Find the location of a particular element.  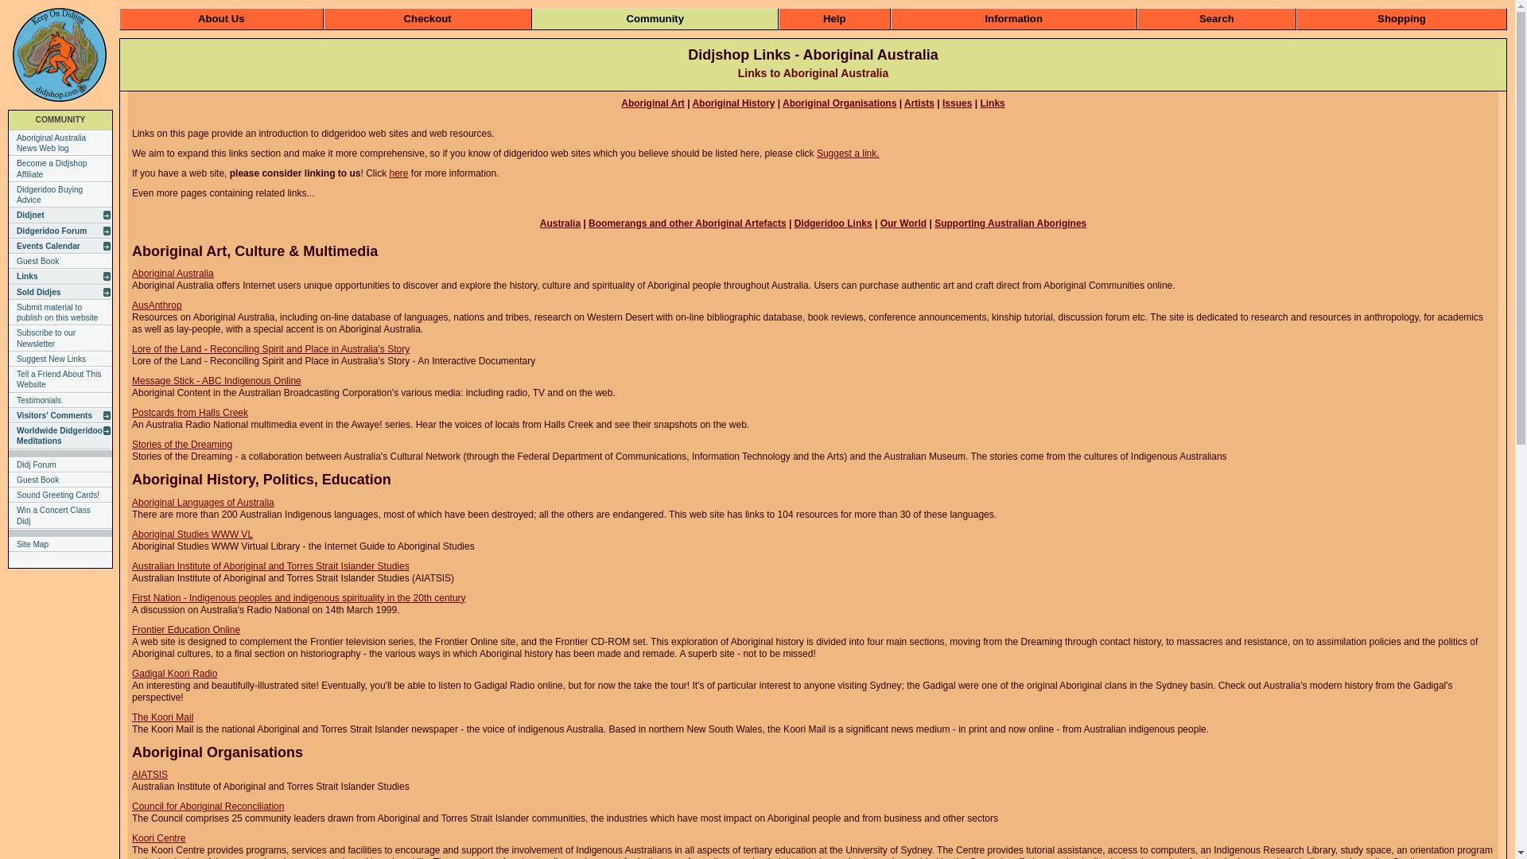

'Didgeridoo Forum' is located at coordinates (60, 231).